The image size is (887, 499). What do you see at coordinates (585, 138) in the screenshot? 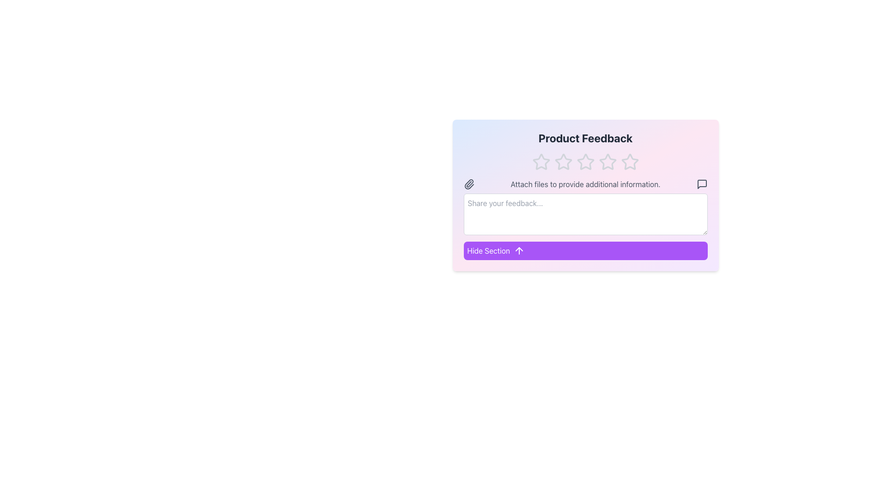
I see `the static text element that serves as the header for the section, positioned at the top of the card-like section` at bounding box center [585, 138].